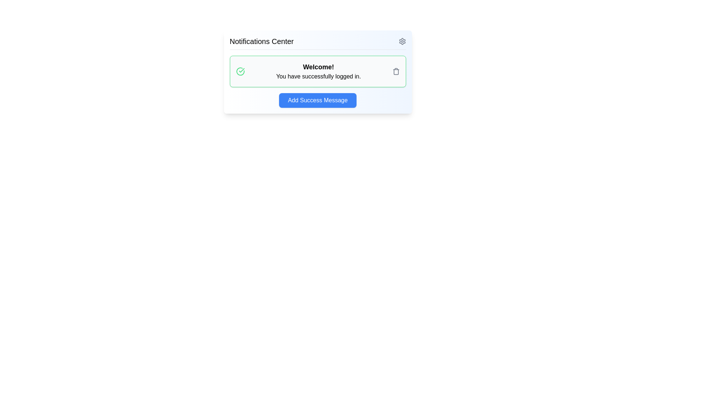 Image resolution: width=705 pixels, height=396 pixels. What do you see at coordinates (318, 71) in the screenshot?
I see `congratulatory message displayed in the largest static text element located in the center of the interface, positioned to the right of a circular icon` at bounding box center [318, 71].